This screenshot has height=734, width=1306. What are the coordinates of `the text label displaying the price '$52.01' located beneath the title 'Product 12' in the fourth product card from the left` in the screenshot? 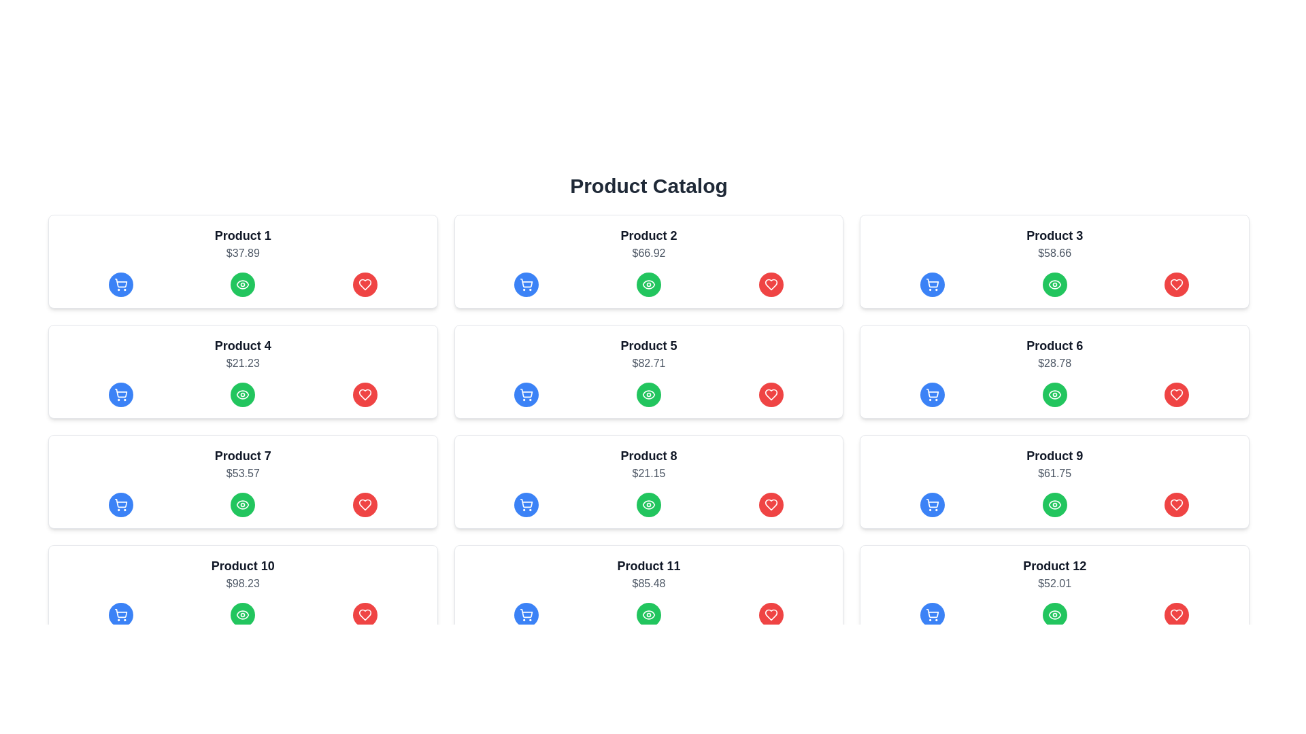 It's located at (1054, 583).